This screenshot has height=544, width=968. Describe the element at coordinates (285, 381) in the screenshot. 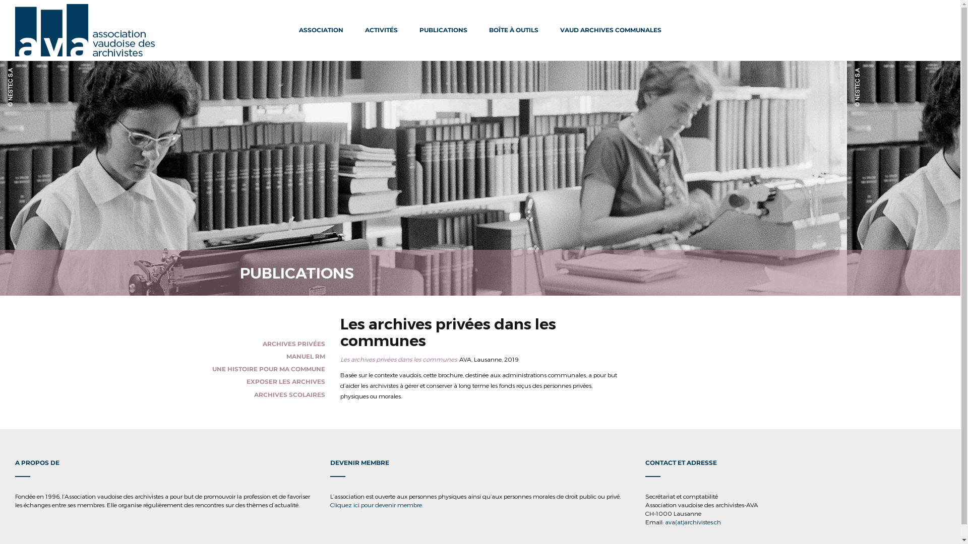

I see `'EXPOSER LES ARCHIVES'` at that location.